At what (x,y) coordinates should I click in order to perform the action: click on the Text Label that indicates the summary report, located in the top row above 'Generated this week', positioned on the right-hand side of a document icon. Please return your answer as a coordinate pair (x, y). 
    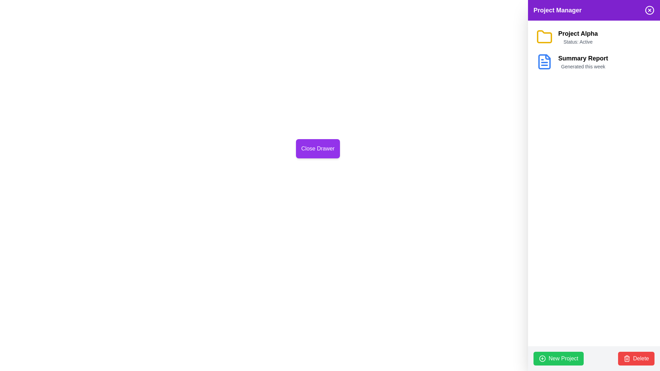
    Looking at the image, I should click on (583, 58).